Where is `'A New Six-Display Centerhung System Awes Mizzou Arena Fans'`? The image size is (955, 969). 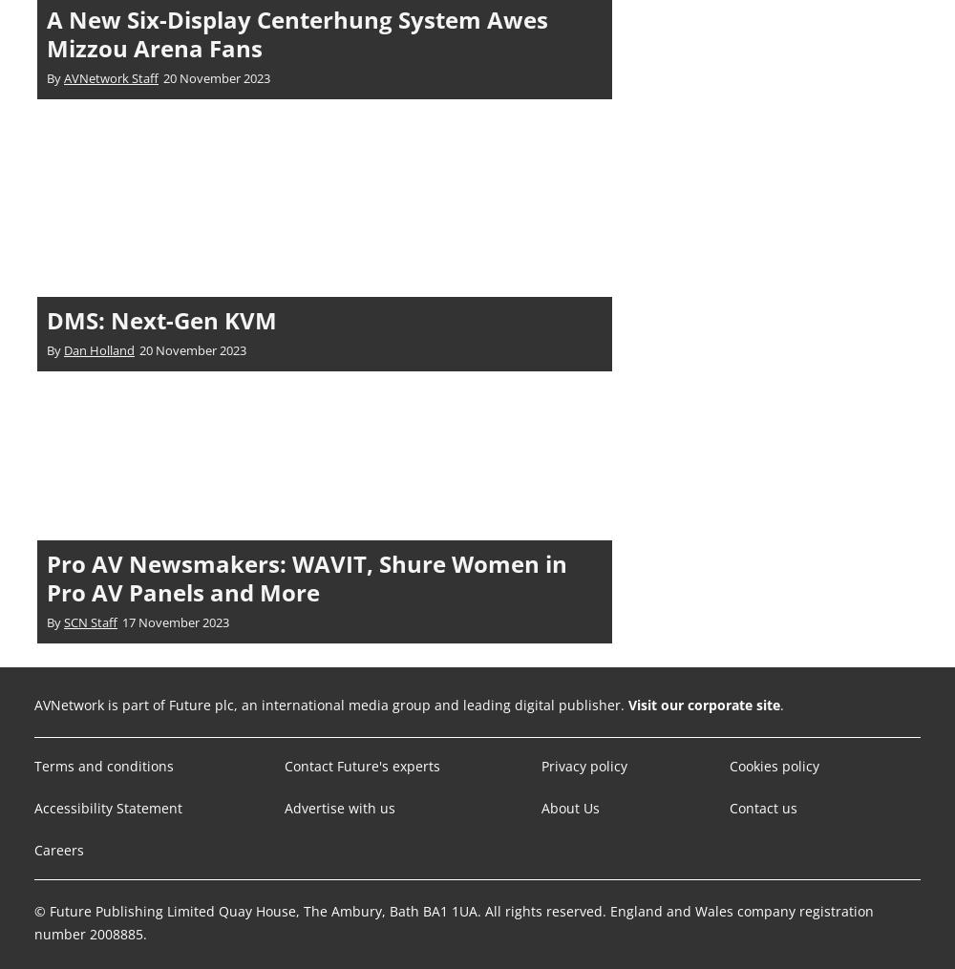
'A New Six-Display Centerhung System Awes Mizzou Arena Fans' is located at coordinates (47, 32).